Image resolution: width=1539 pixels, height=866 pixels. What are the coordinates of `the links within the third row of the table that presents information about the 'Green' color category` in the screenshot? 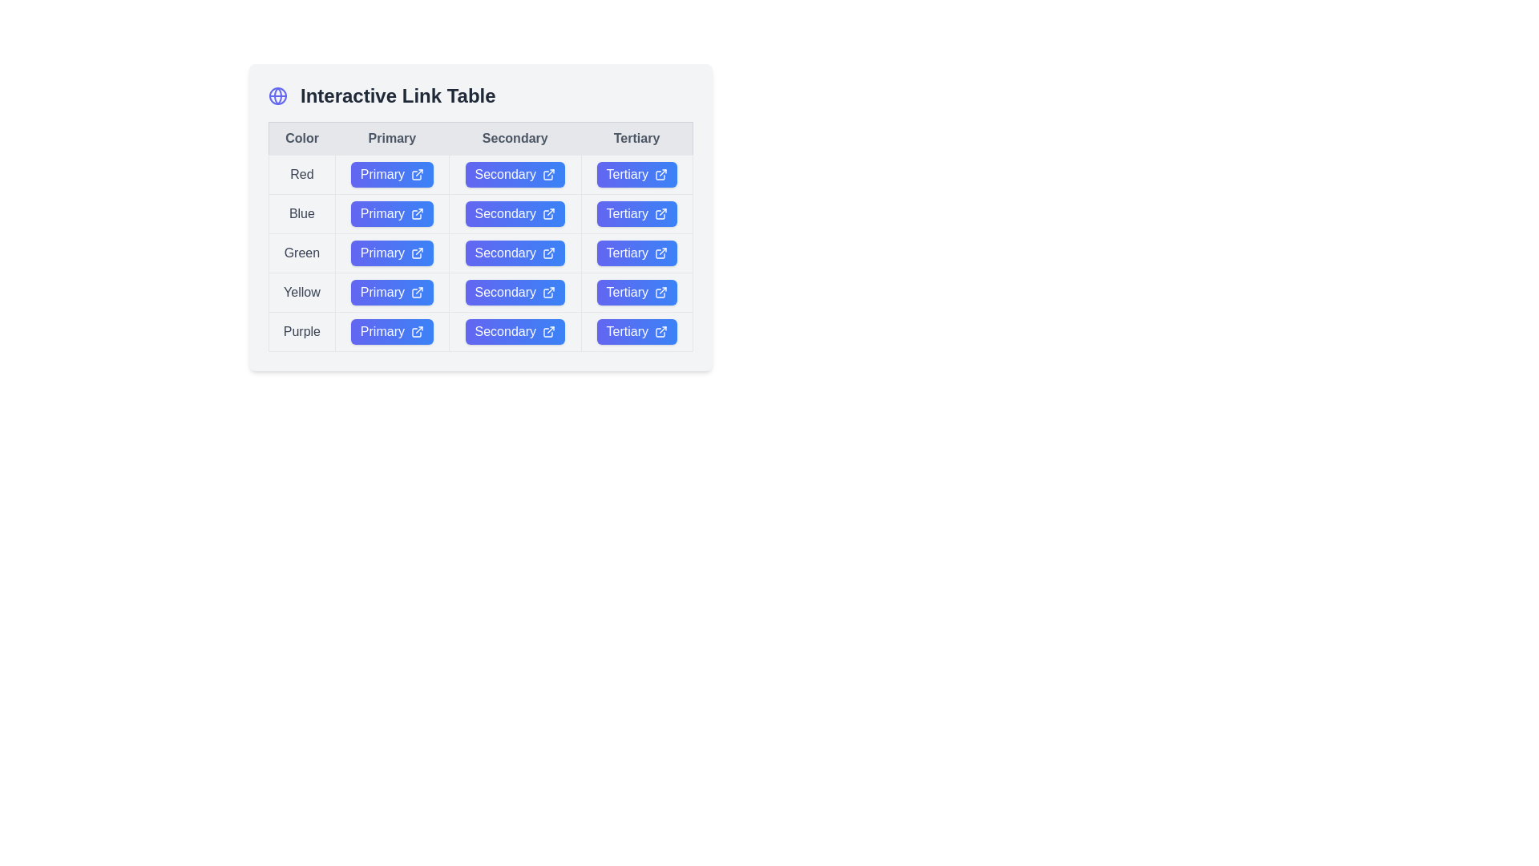 It's located at (480, 253).